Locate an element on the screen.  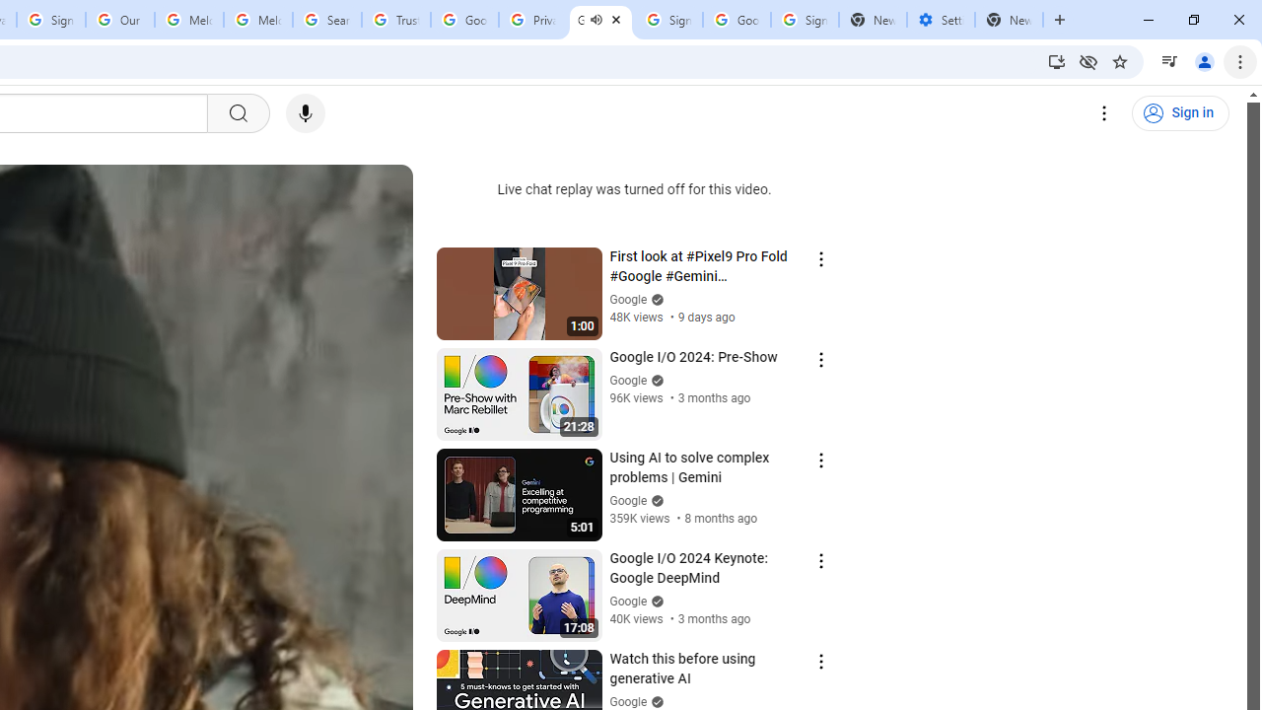
'Google Ads - Sign in' is located at coordinates (463, 20).